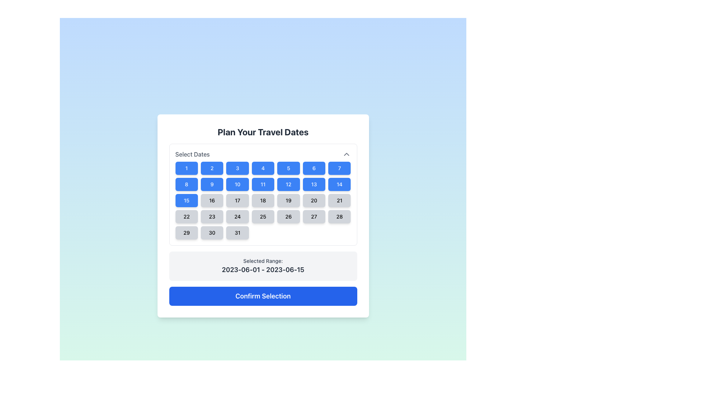  What do you see at coordinates (263, 184) in the screenshot?
I see `the button displaying the number '11' in white text on a blue background for navigation purposes` at bounding box center [263, 184].